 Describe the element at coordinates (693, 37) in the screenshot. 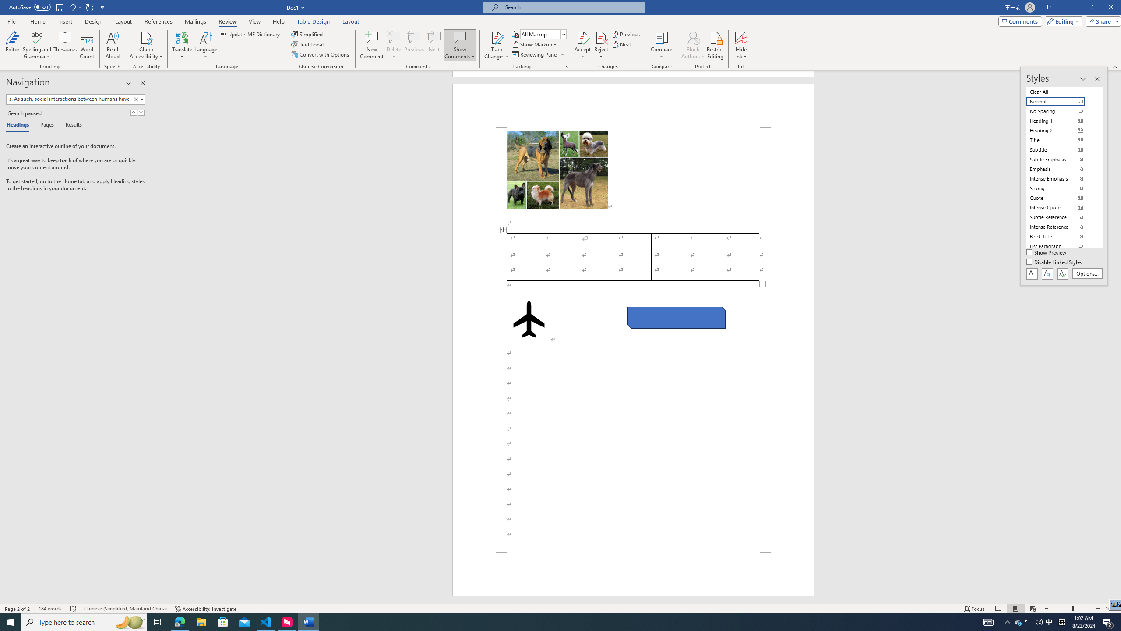

I see `'Block Authors'` at that location.